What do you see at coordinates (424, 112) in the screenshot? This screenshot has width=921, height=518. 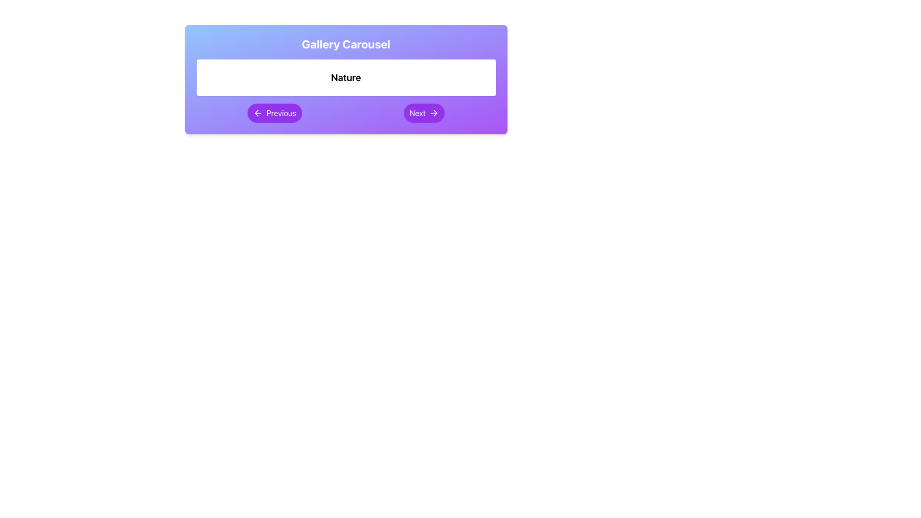 I see `the rounded purple 'Next' button with white text and a right arrow icon` at bounding box center [424, 112].